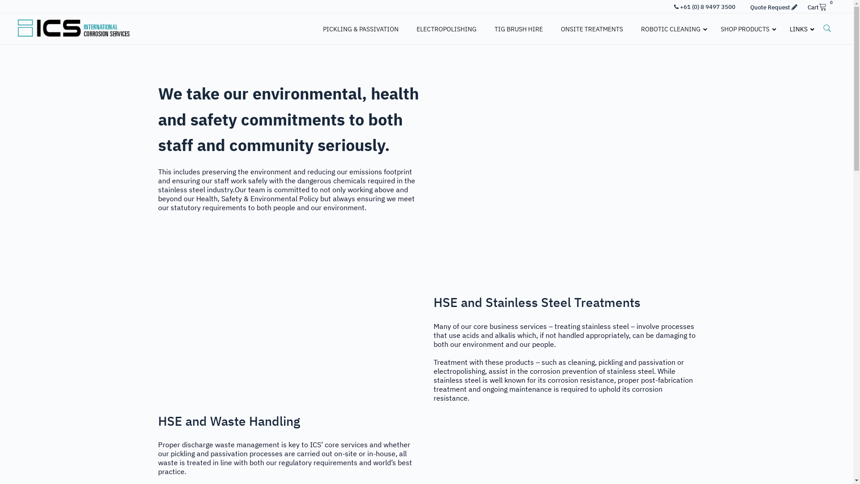  What do you see at coordinates (407, 28) in the screenshot?
I see `'ELECTROPOLISHING'` at bounding box center [407, 28].